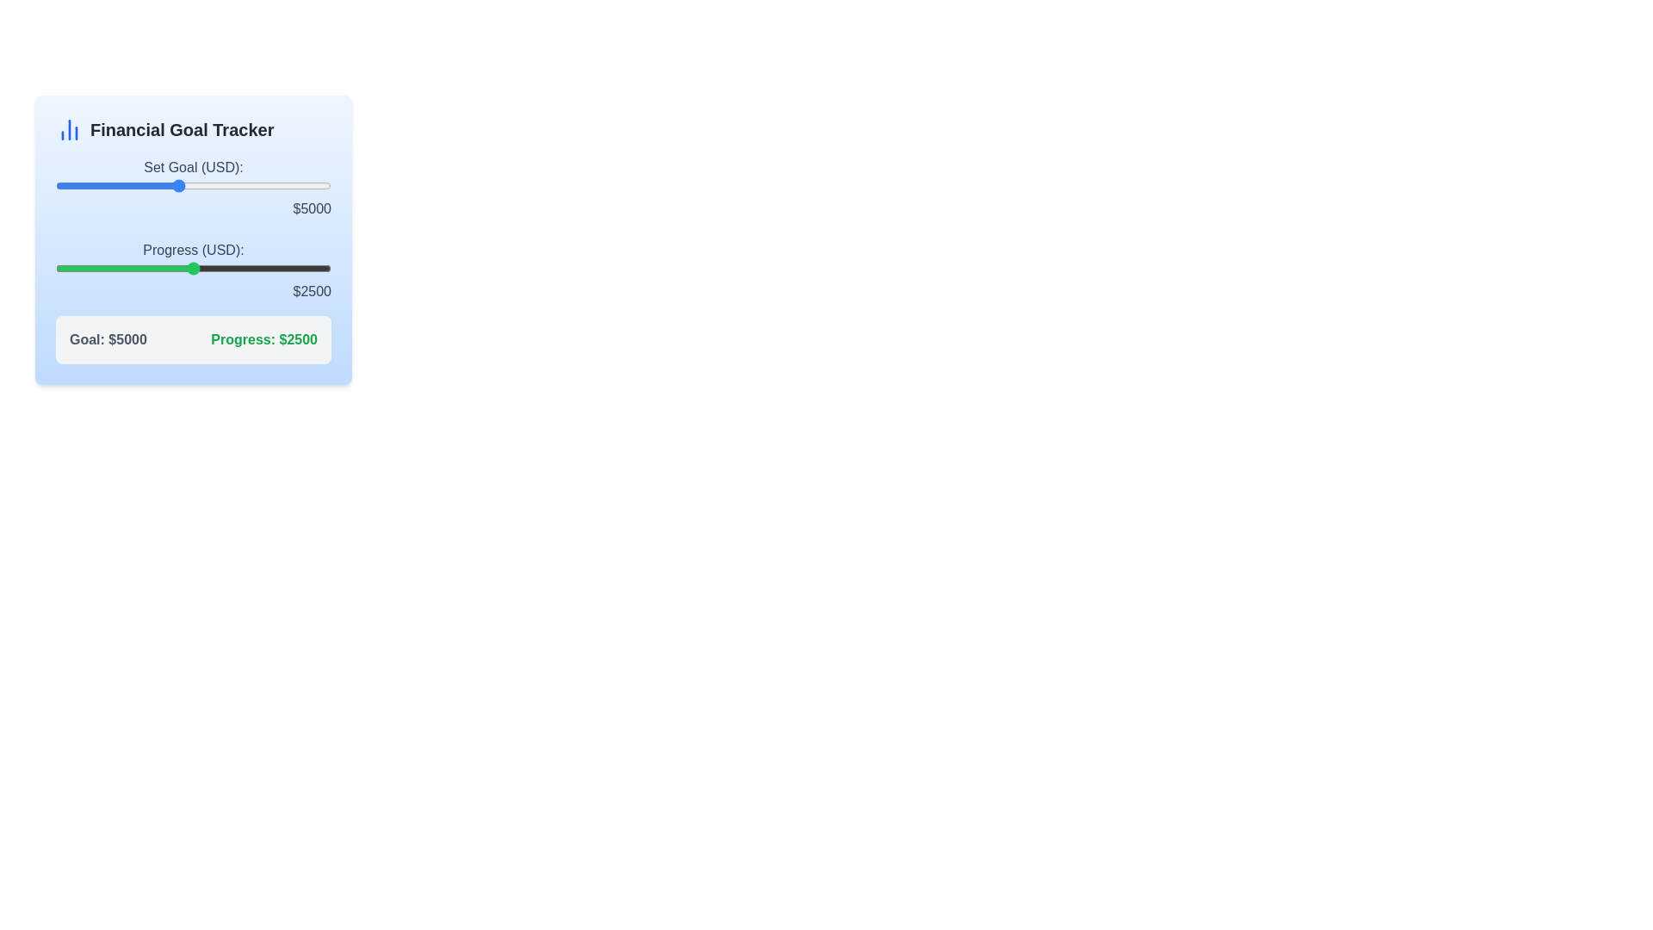 The image size is (1653, 930). I want to click on the financial goal slider to 6737 USD, so click(230, 186).